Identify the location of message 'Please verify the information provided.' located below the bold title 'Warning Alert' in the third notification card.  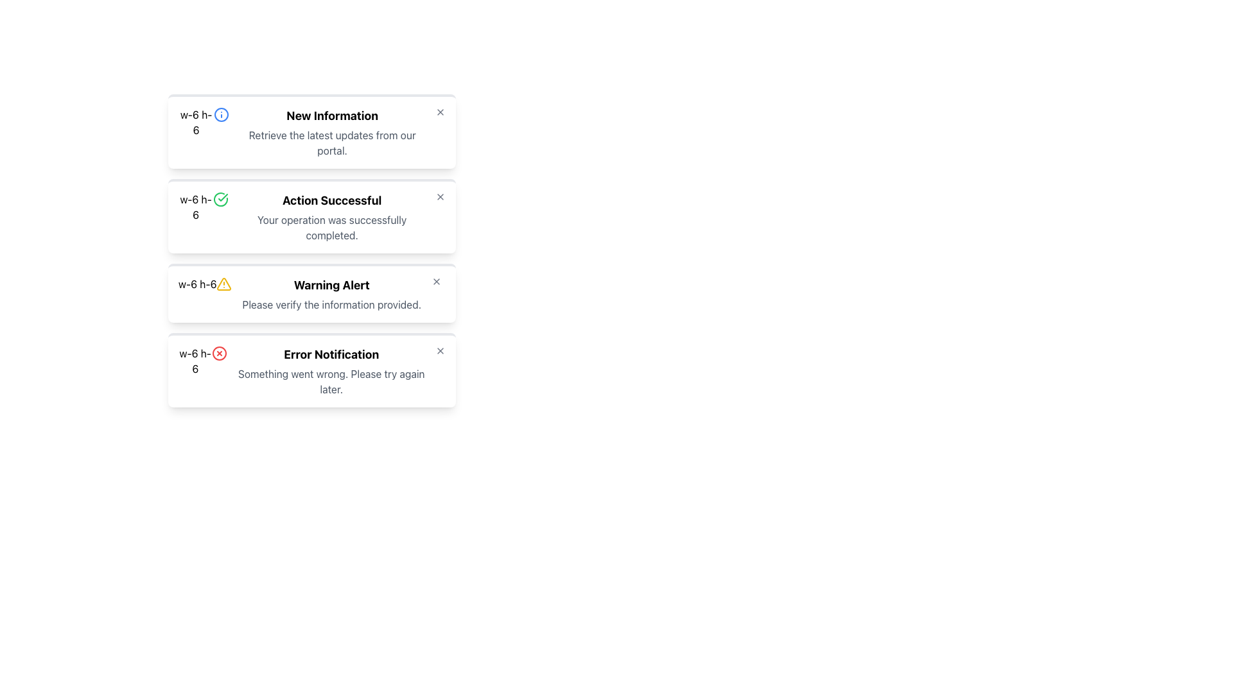
(331, 304).